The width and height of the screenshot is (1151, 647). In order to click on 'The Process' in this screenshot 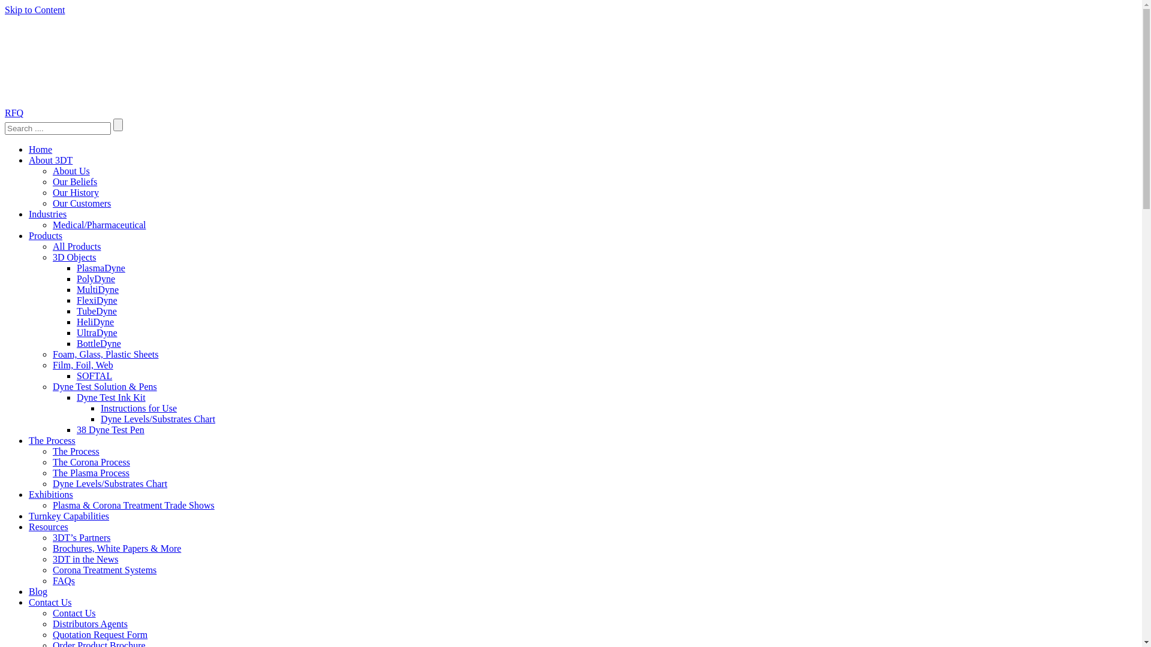, I will do `click(29, 440)`.